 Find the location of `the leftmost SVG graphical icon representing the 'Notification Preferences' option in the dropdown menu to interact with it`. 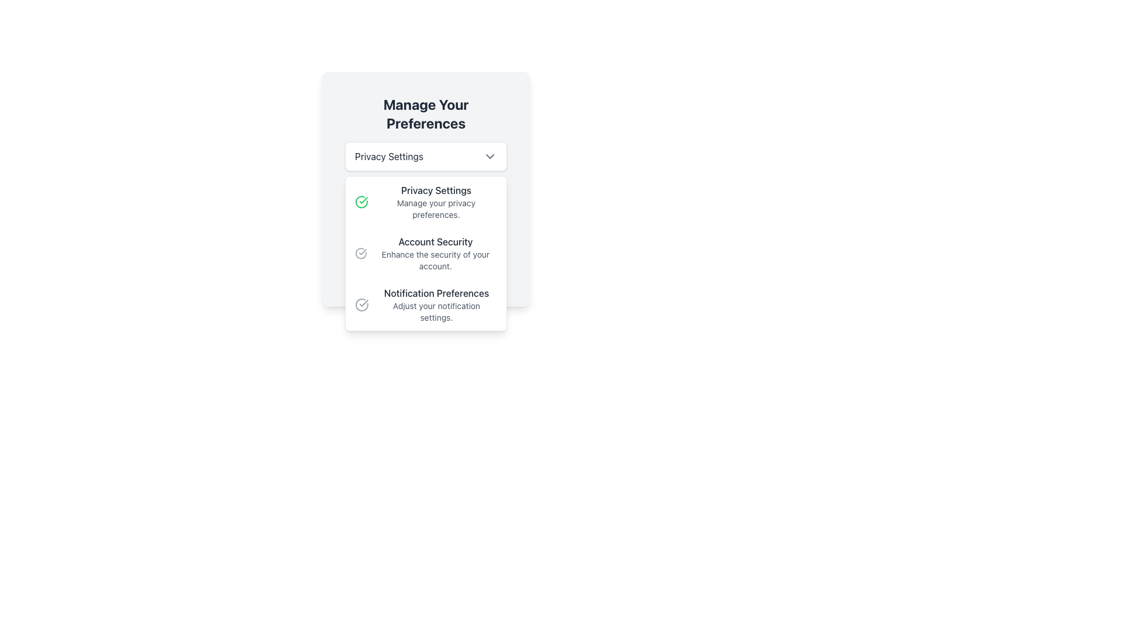

the leftmost SVG graphical icon representing the 'Notification Preferences' option in the dropdown menu to interact with it is located at coordinates (361, 304).